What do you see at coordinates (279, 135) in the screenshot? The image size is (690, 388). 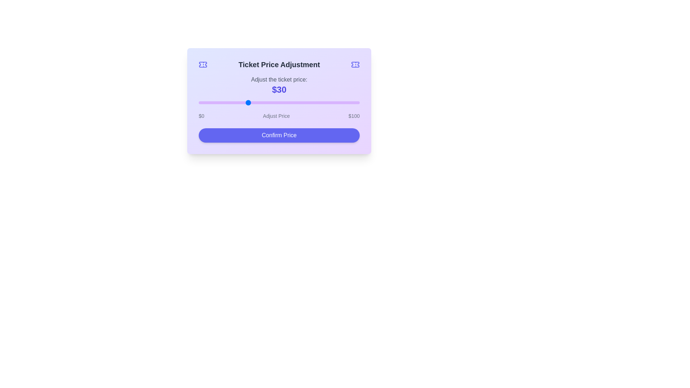 I see `the 'Confirm Price' button to confirm the ticket price` at bounding box center [279, 135].